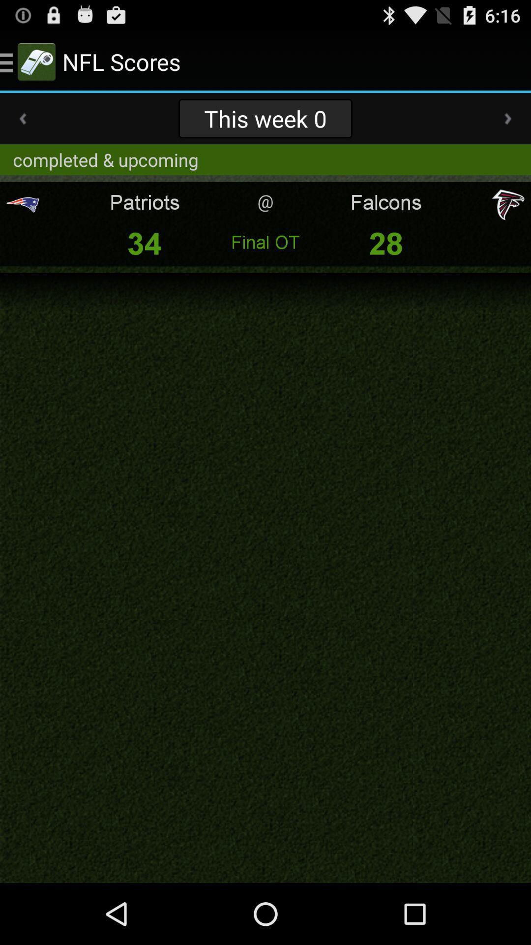 The width and height of the screenshot is (531, 945). Describe the element at coordinates (508, 118) in the screenshot. I see `app to the right of this week 0 item` at that location.